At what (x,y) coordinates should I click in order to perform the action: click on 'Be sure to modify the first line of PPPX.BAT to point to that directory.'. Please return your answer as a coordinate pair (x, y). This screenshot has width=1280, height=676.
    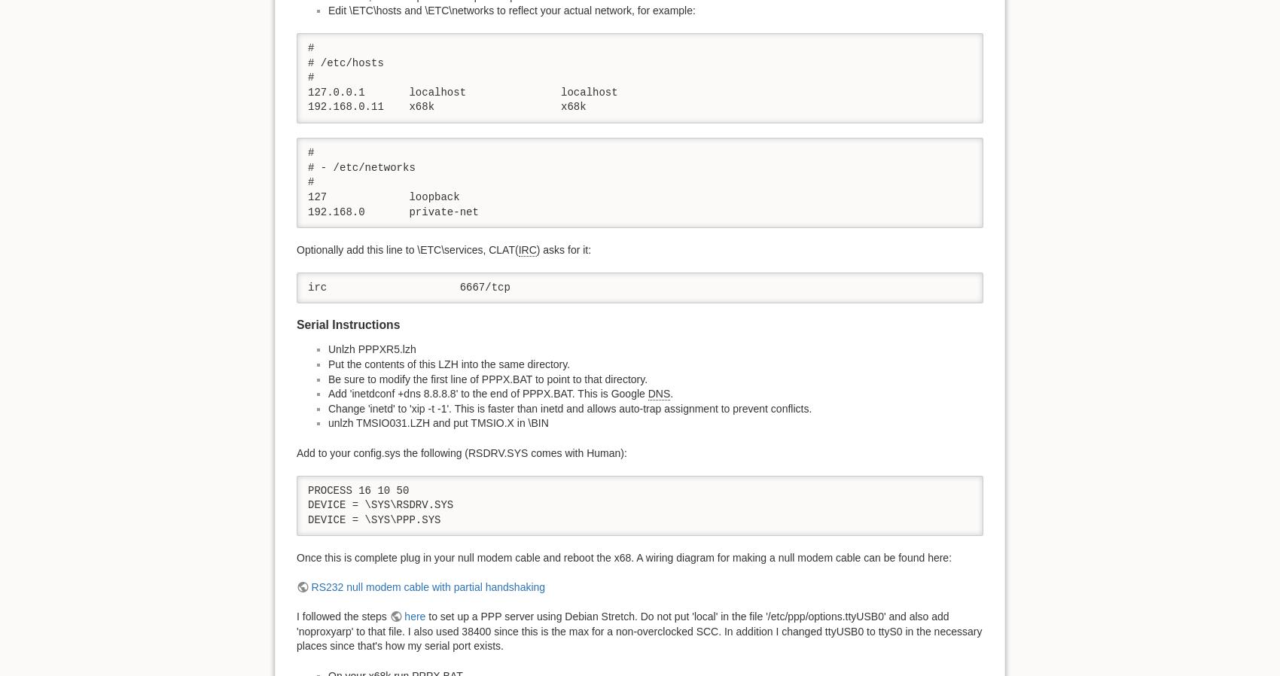
    Looking at the image, I should click on (488, 377).